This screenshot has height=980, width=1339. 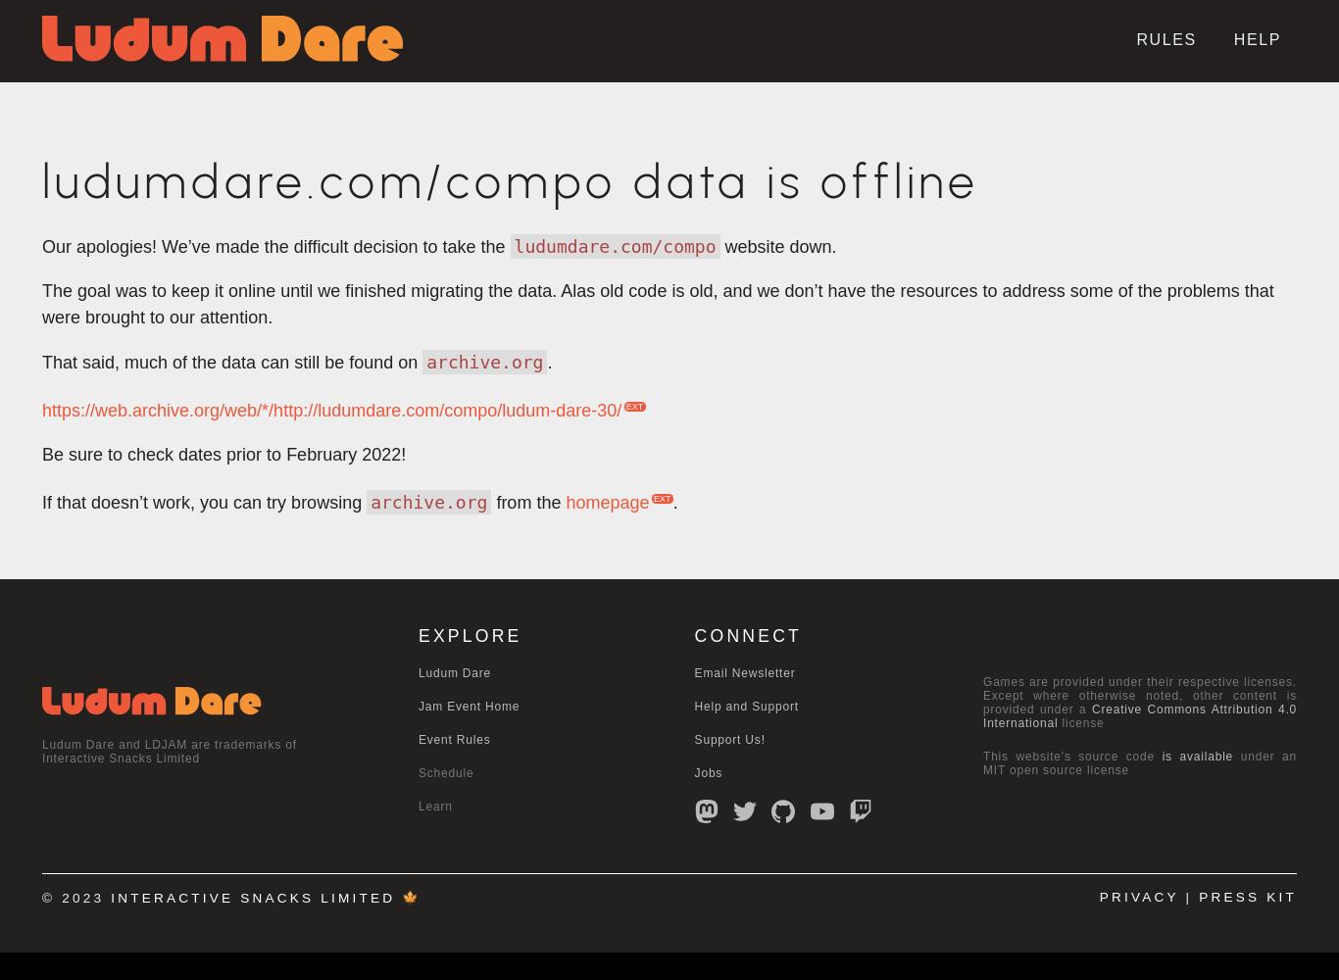 What do you see at coordinates (528, 503) in the screenshot?
I see `'from the'` at bounding box center [528, 503].